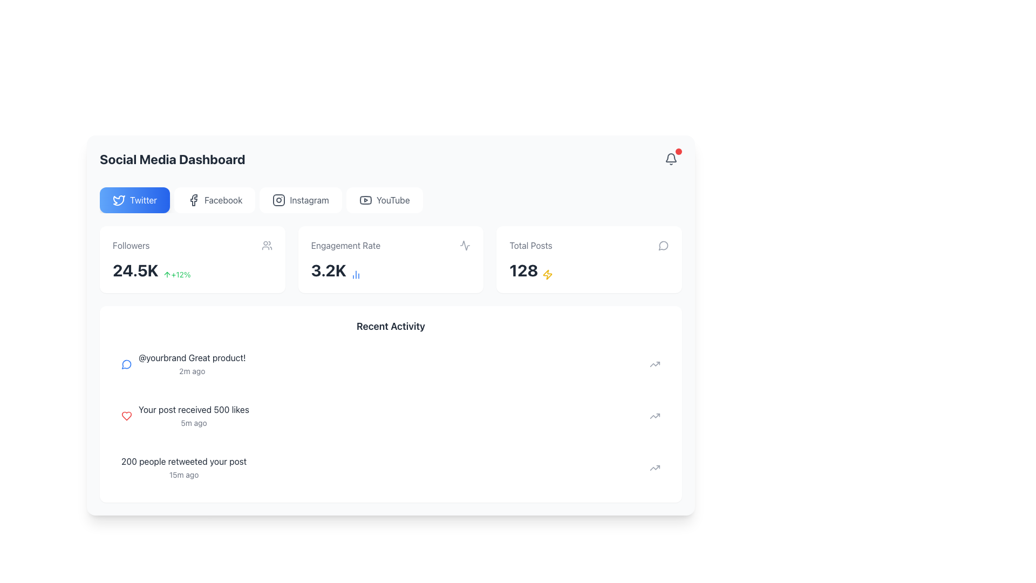 This screenshot has height=583, width=1036. I want to click on the Twitter icon located within the blue gradient button at the top-left quadrant of the dashboard, so click(119, 200).